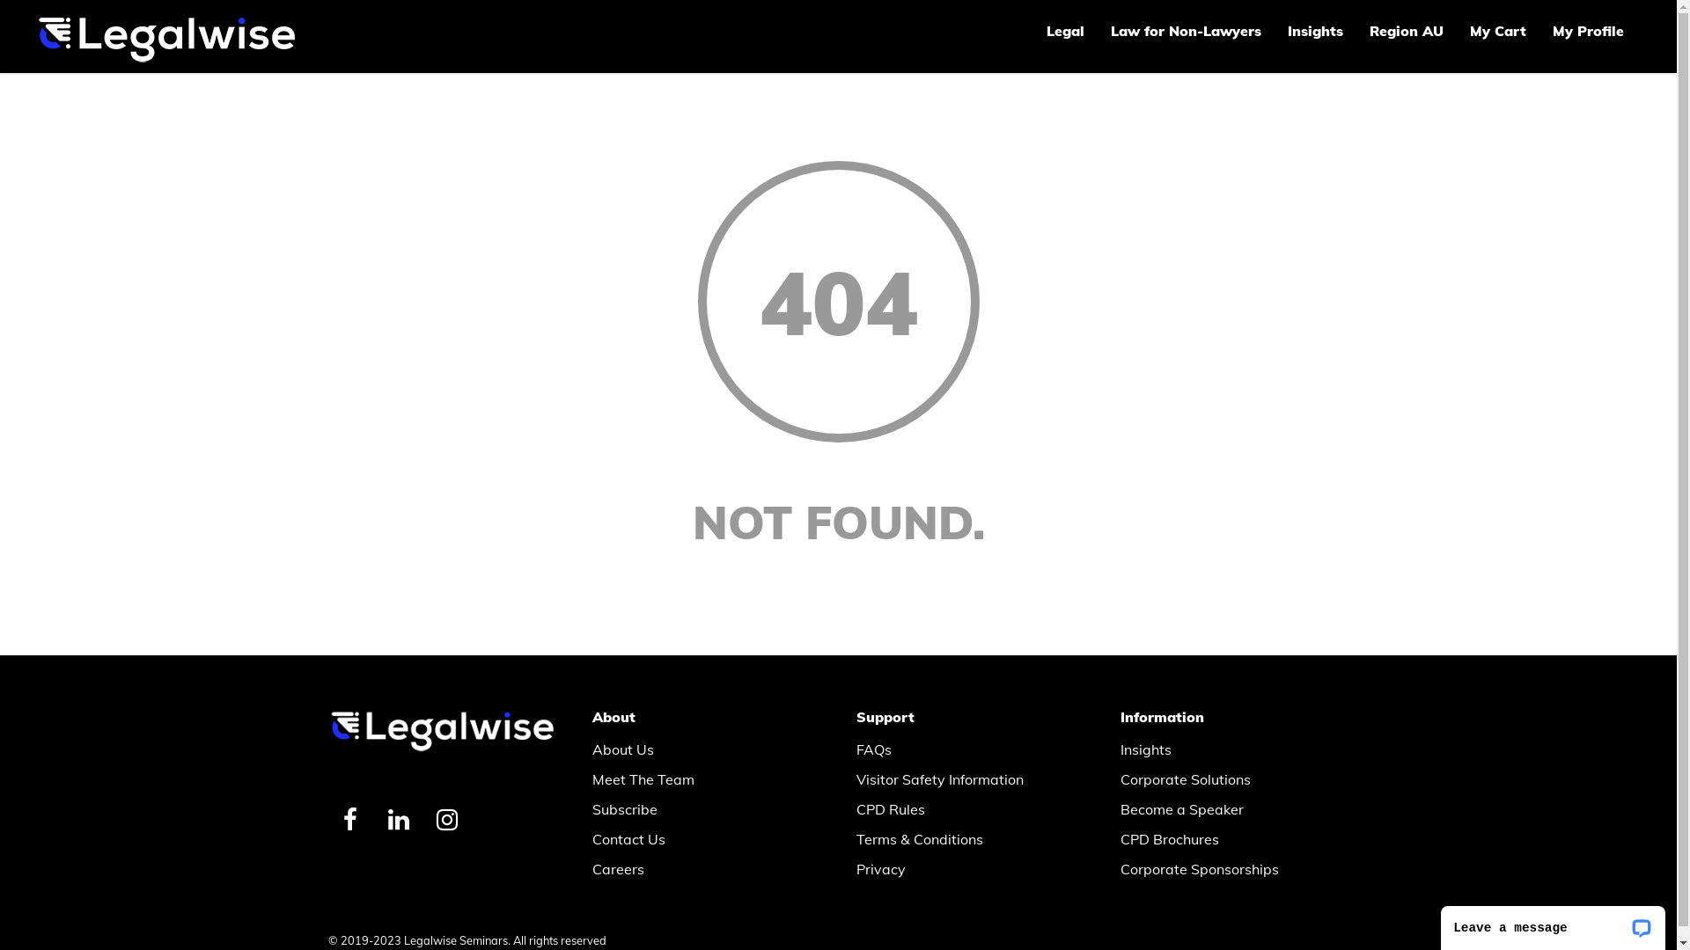 The image size is (1690, 950). I want to click on 'My Cart', so click(1497, 30).